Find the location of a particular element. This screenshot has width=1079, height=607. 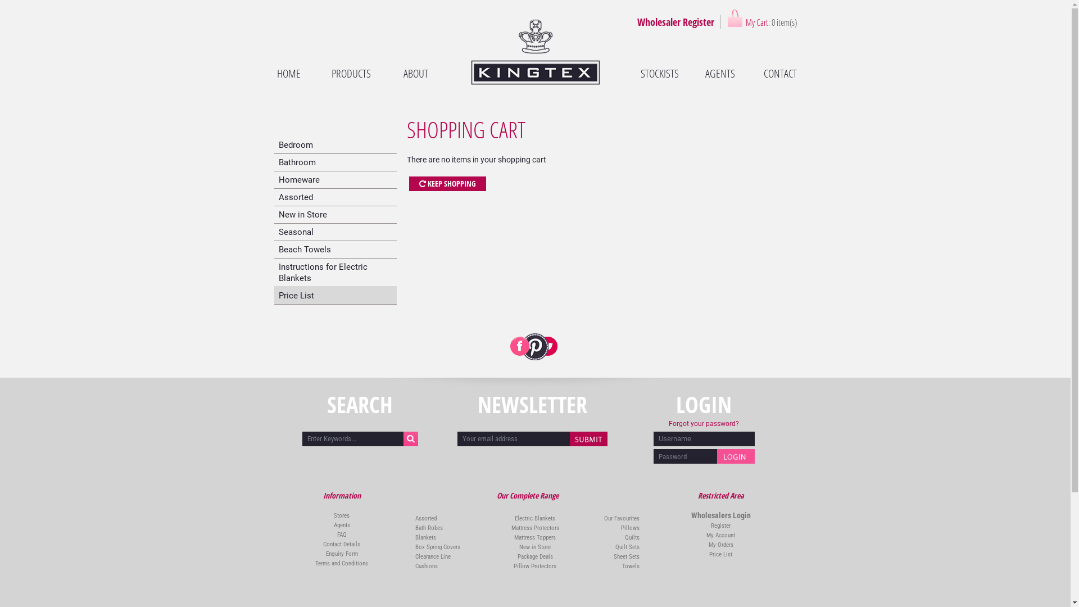

'My Account' is located at coordinates (720, 534).